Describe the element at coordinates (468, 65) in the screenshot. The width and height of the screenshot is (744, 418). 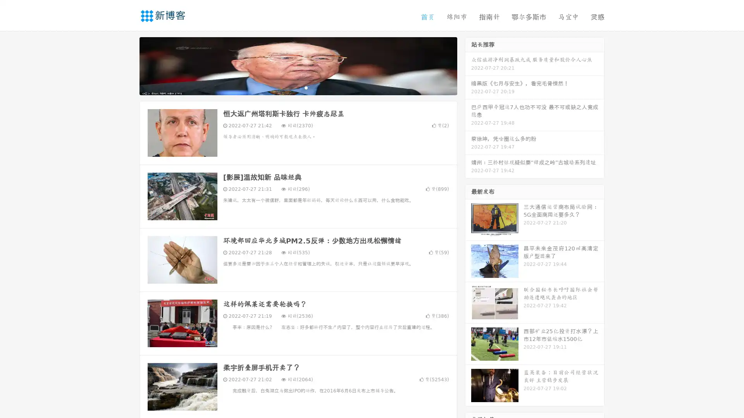
I see `Next slide` at that location.